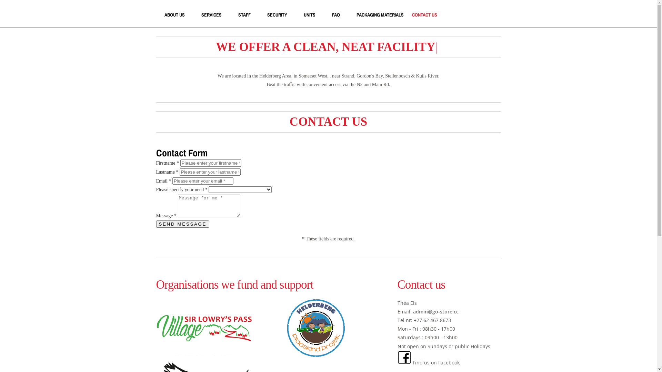 This screenshot has width=662, height=372. I want to click on 'STAFF', so click(244, 14).